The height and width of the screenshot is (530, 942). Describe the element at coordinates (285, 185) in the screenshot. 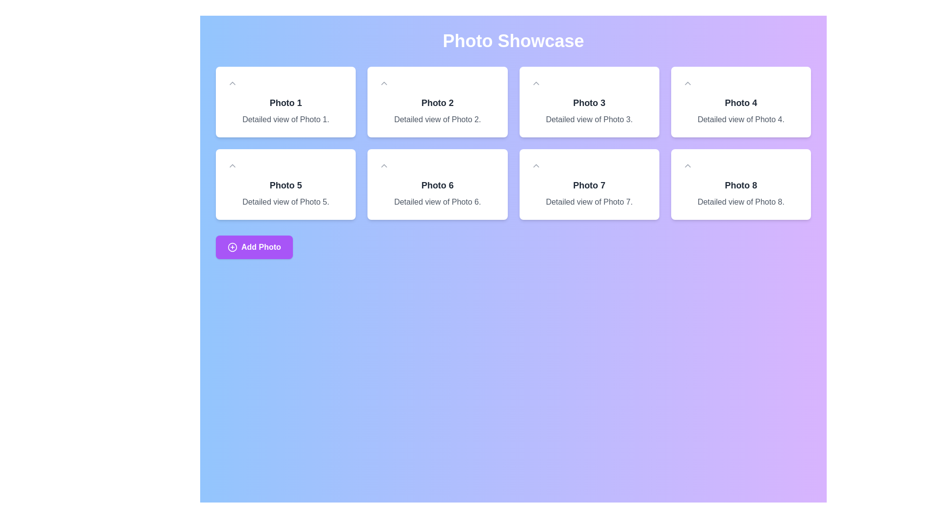

I see `the text label displaying 'Photo 5', which is styled in a large bold font and located in the first column of the second row in a grid layout` at that location.